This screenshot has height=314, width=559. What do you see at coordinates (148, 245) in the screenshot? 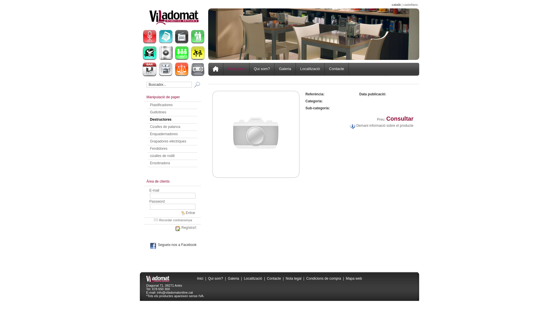
I see `'Segueix-nos a Facebook'` at bounding box center [148, 245].